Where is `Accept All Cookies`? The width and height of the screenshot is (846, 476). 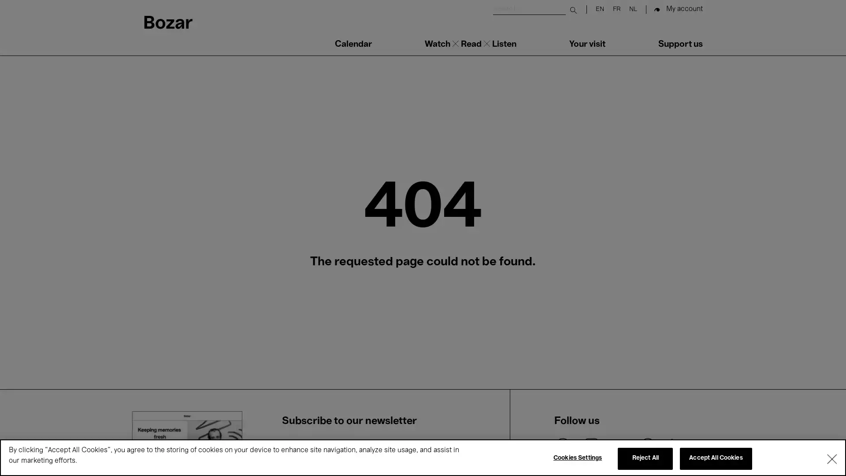 Accept All Cookies is located at coordinates (716, 458).